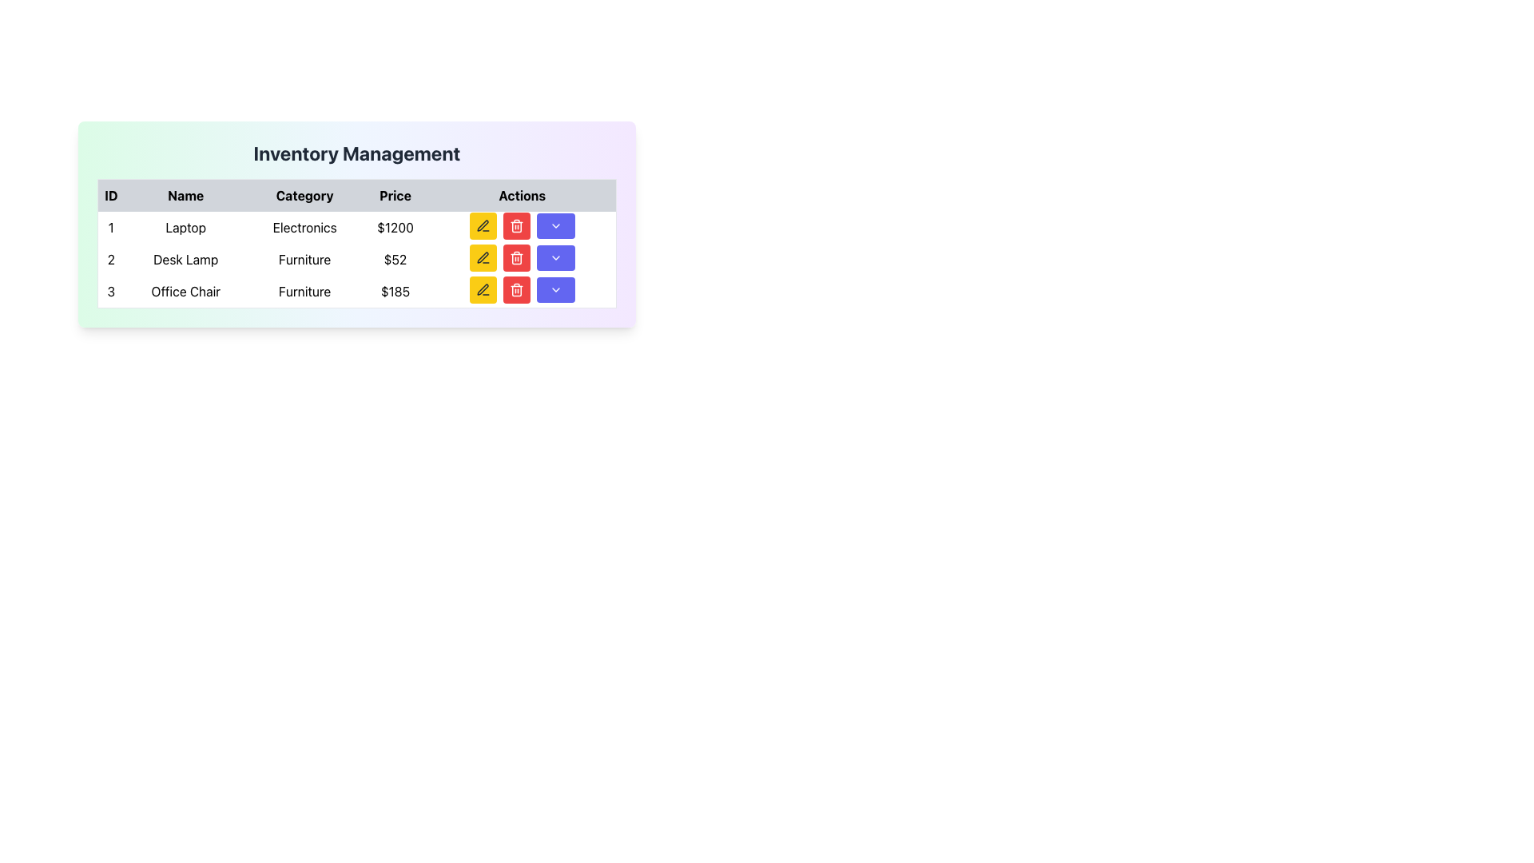  What do you see at coordinates (555, 257) in the screenshot?
I see `the downward-pointing chevron icon in the last column of the second row in the 'Actions' section` at bounding box center [555, 257].